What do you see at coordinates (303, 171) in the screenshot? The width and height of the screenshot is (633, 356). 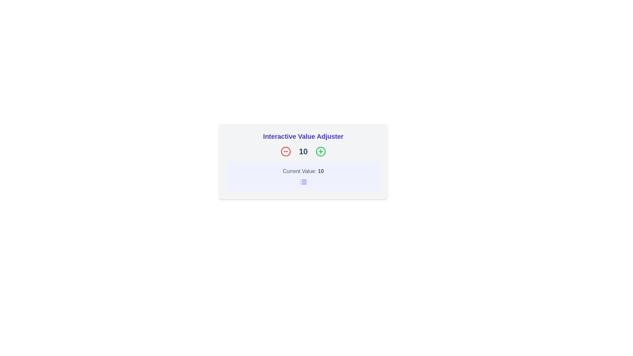 I see `the static text display that shows the current value associated with the numeric adjuster, located in the middle section of the card-like component` at bounding box center [303, 171].